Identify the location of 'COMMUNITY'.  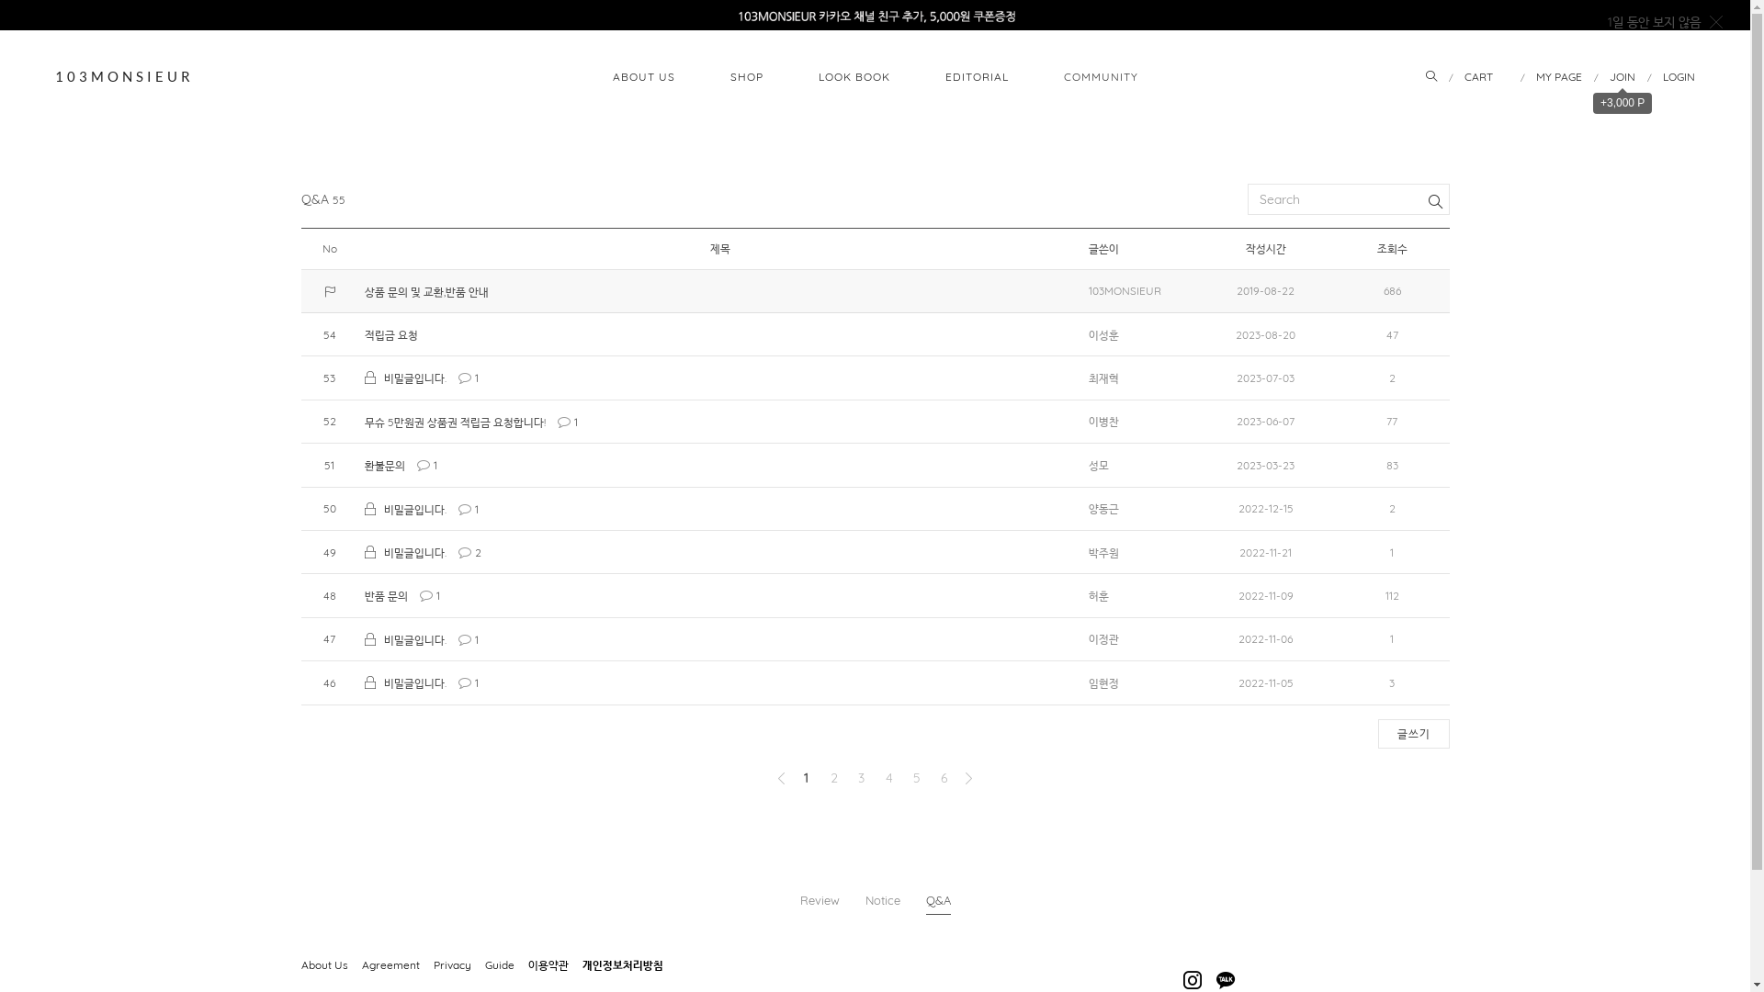
(1101, 75).